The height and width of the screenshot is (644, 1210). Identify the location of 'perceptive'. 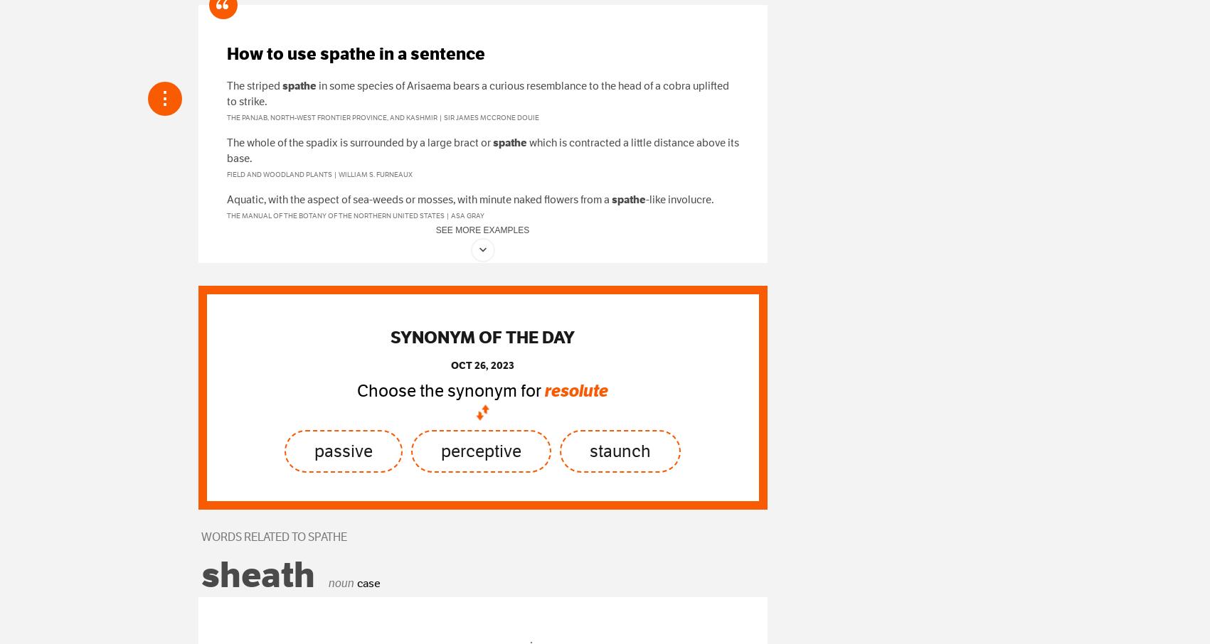
(480, 451).